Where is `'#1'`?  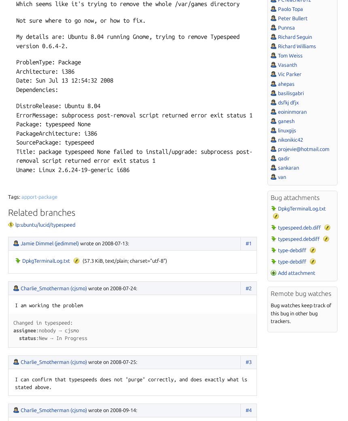
'#1' is located at coordinates (248, 242).